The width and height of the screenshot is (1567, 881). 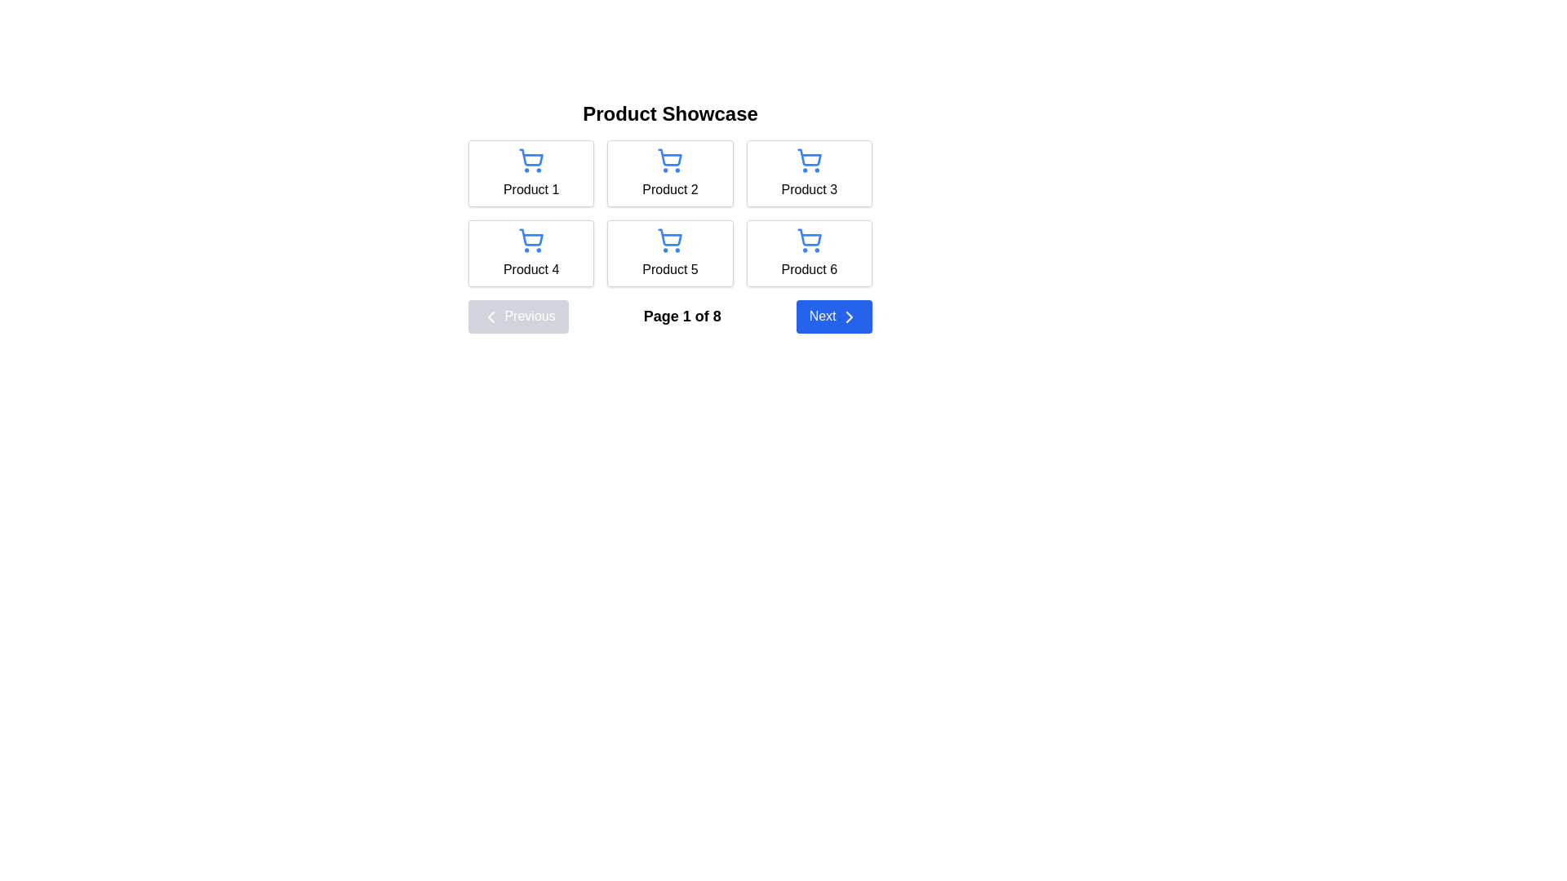 I want to click on the style of the rightward chevron SVG icon located within the 'Next' button at the bottom center of the layout, so click(x=849, y=317).